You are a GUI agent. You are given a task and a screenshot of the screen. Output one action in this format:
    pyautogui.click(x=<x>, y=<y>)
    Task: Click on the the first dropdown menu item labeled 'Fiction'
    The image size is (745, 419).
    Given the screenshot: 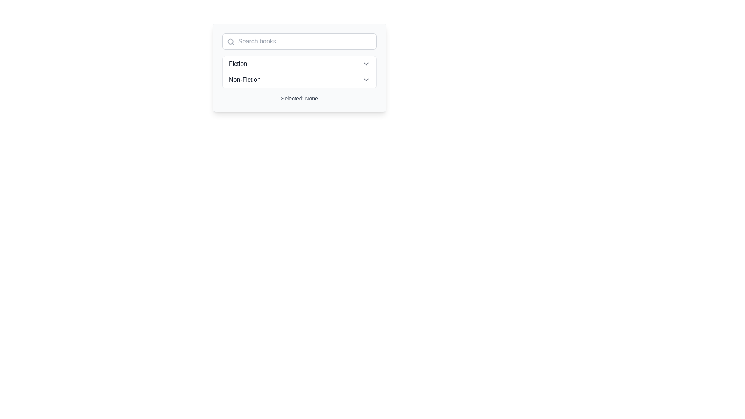 What is the action you would take?
    pyautogui.click(x=299, y=64)
    